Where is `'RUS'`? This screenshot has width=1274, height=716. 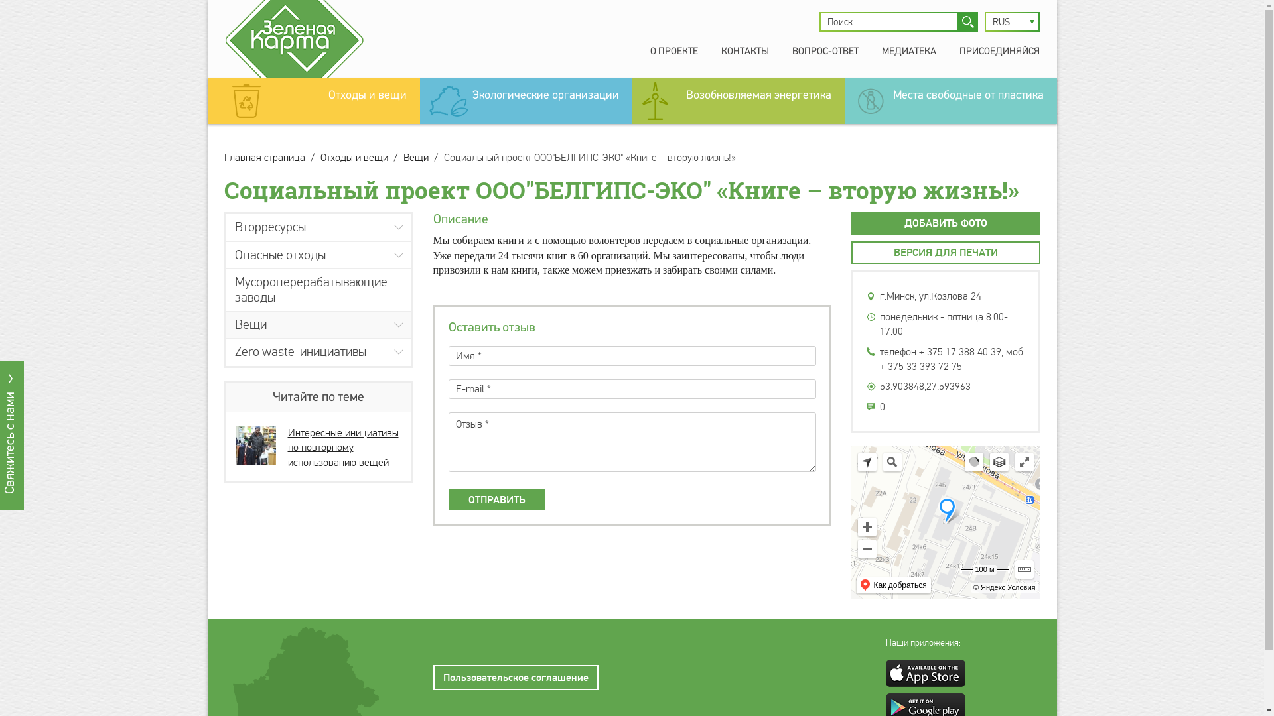
'RUS' is located at coordinates (1011, 22).